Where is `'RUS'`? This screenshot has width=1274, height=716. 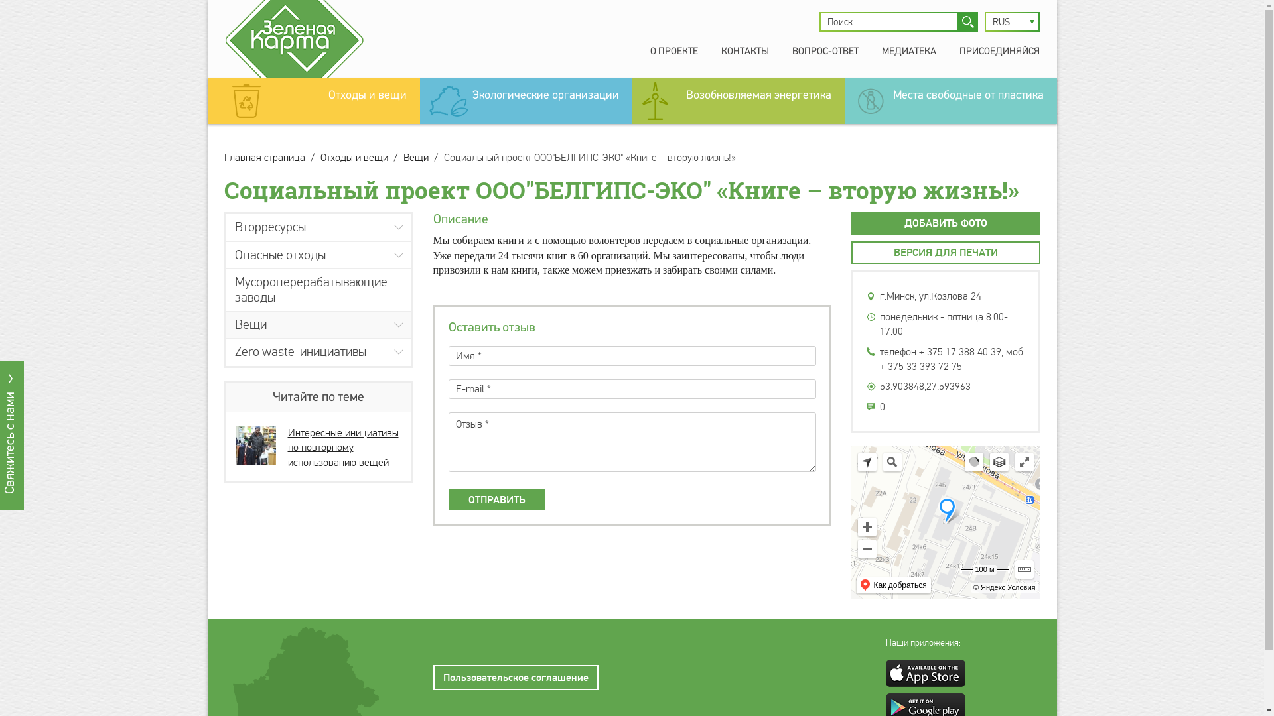
'RUS' is located at coordinates (1011, 22).